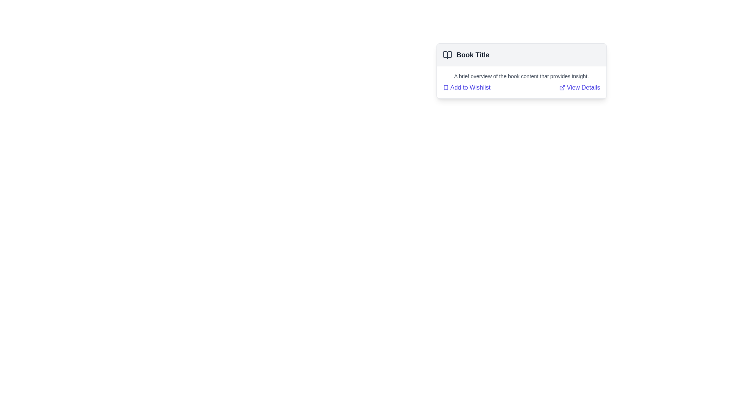 The height and width of the screenshot is (410, 730). What do you see at coordinates (579, 87) in the screenshot?
I see `the blue styled hyperlink with an external link icon, located to the right of the 'Add to Wishlist' link` at bounding box center [579, 87].